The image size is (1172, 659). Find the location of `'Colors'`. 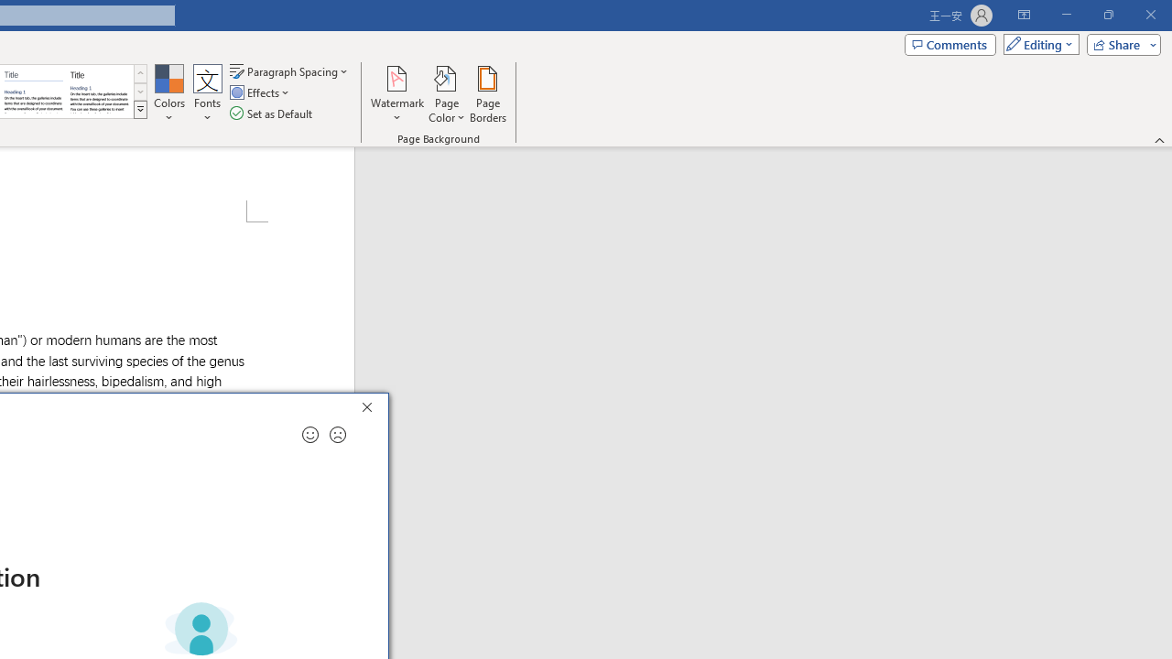

'Colors' is located at coordinates (168, 94).